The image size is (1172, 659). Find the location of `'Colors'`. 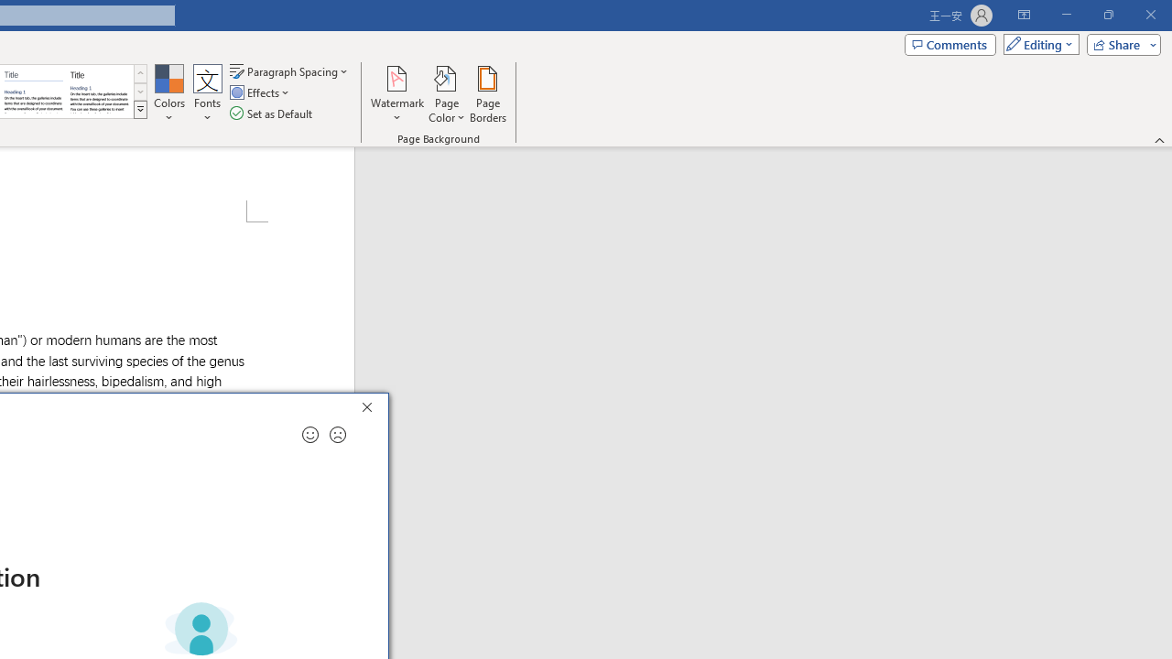

'Colors' is located at coordinates (168, 94).